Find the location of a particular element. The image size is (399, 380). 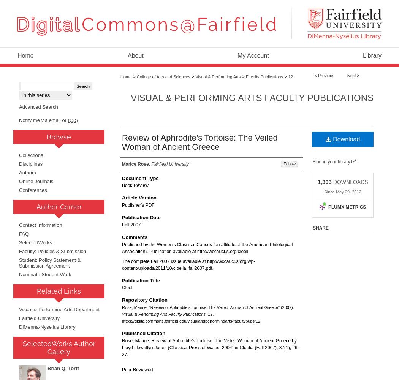

'Conferences' is located at coordinates (18, 189).